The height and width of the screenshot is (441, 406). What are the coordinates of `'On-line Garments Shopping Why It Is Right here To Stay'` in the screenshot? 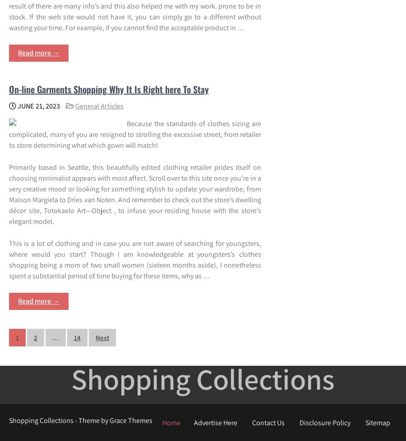 It's located at (108, 88).